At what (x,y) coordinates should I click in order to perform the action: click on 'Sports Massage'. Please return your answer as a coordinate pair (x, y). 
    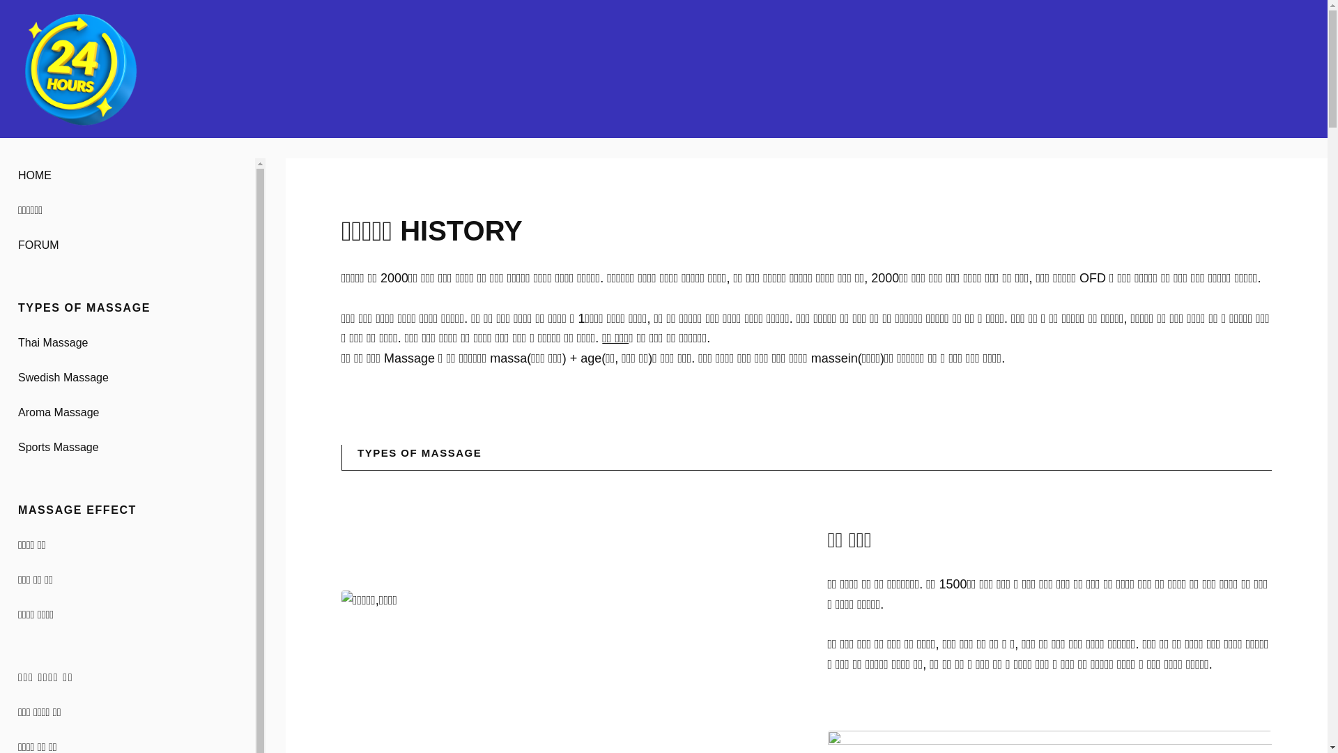
    Looking at the image, I should click on (127, 447).